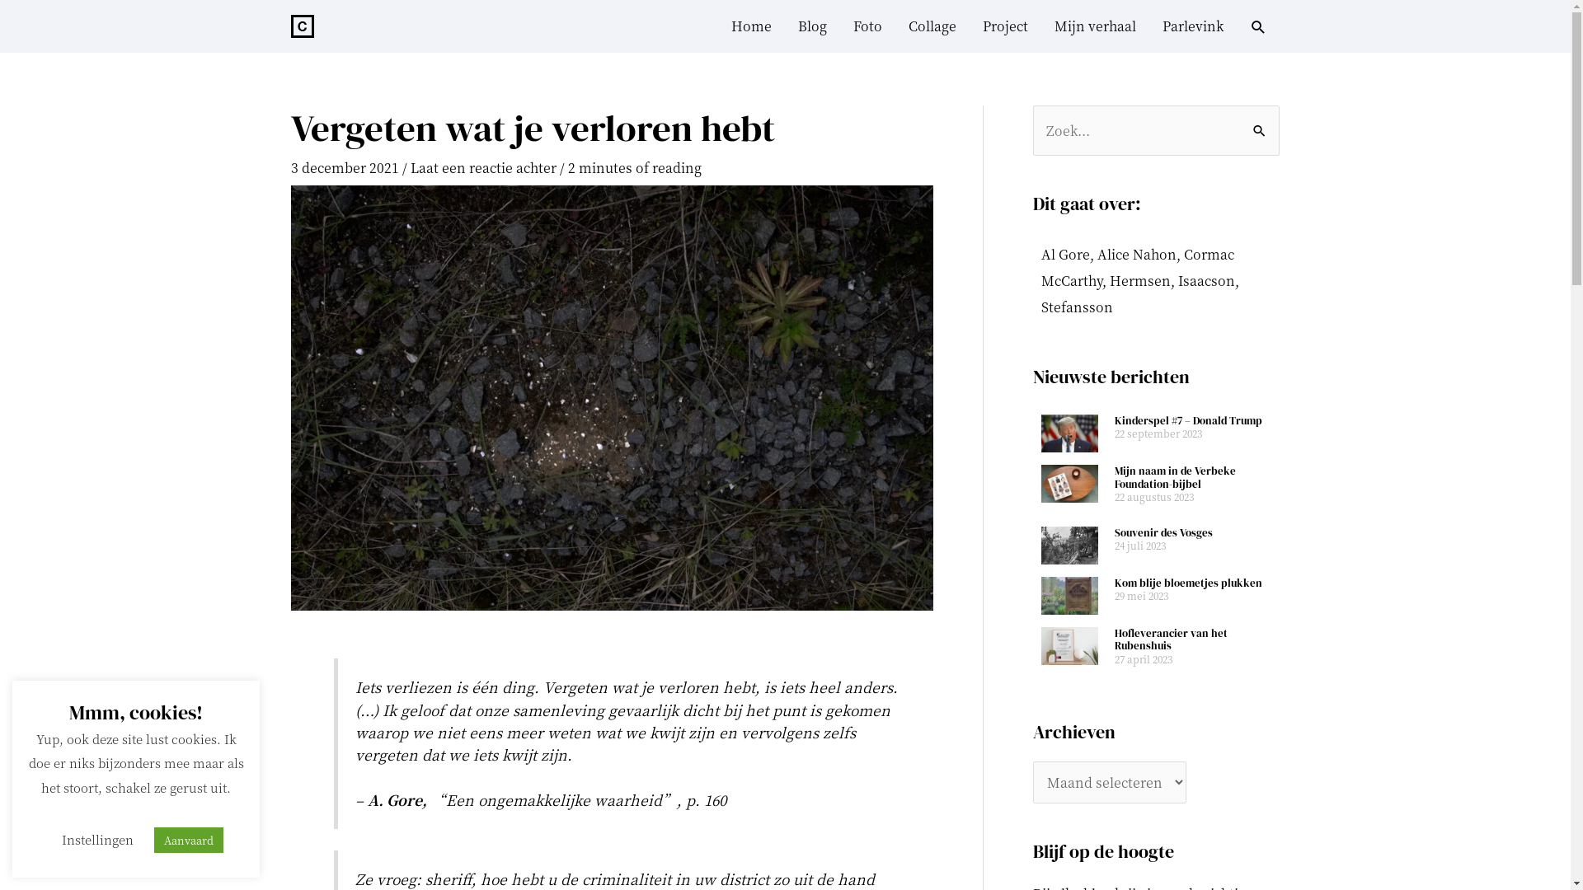 This screenshot has height=890, width=1583. Describe the element at coordinates (1205, 279) in the screenshot. I see `'Isaacson'` at that location.